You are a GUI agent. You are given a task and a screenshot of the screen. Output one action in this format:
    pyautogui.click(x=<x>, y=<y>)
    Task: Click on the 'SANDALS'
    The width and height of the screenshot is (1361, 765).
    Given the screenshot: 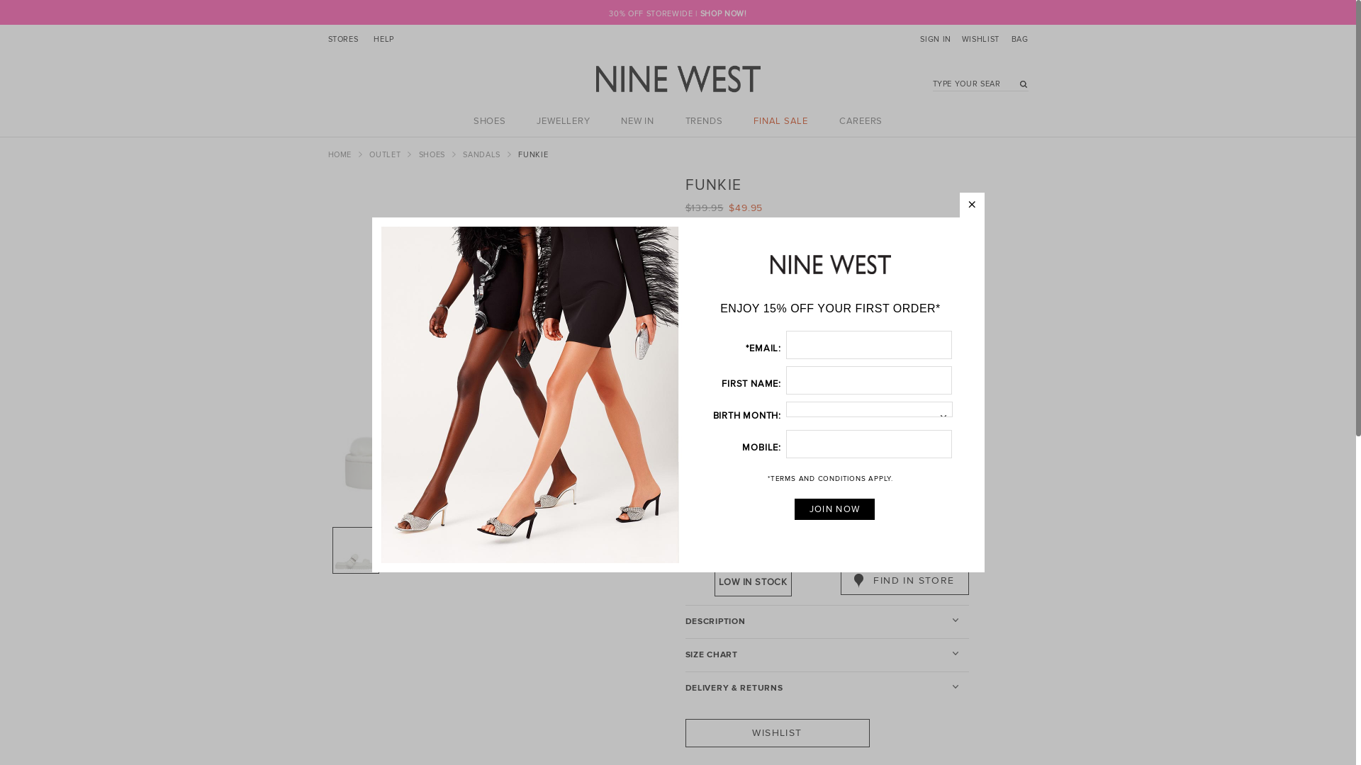 What is the action you would take?
    pyautogui.click(x=462, y=154)
    